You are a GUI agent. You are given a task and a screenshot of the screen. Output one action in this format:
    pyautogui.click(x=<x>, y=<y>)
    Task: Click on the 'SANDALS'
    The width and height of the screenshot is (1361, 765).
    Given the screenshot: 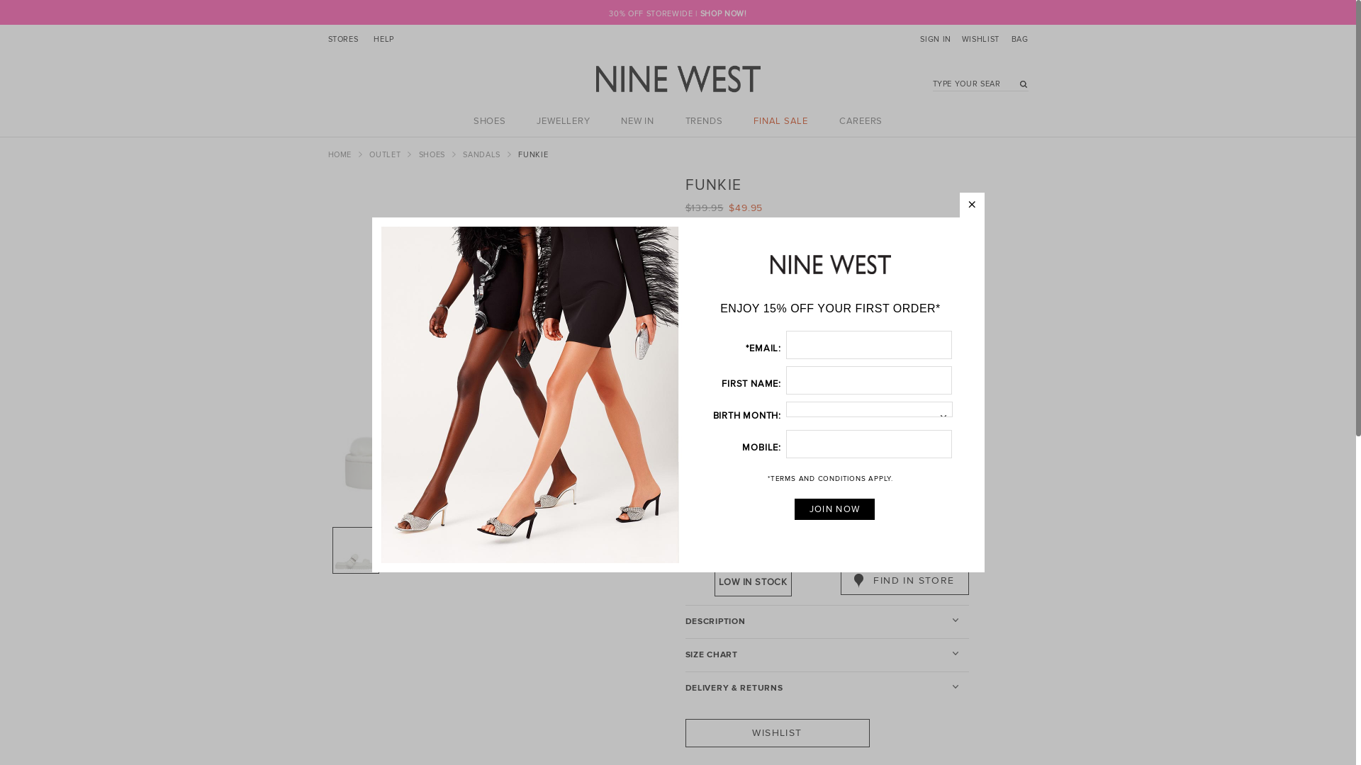 What is the action you would take?
    pyautogui.click(x=462, y=154)
    